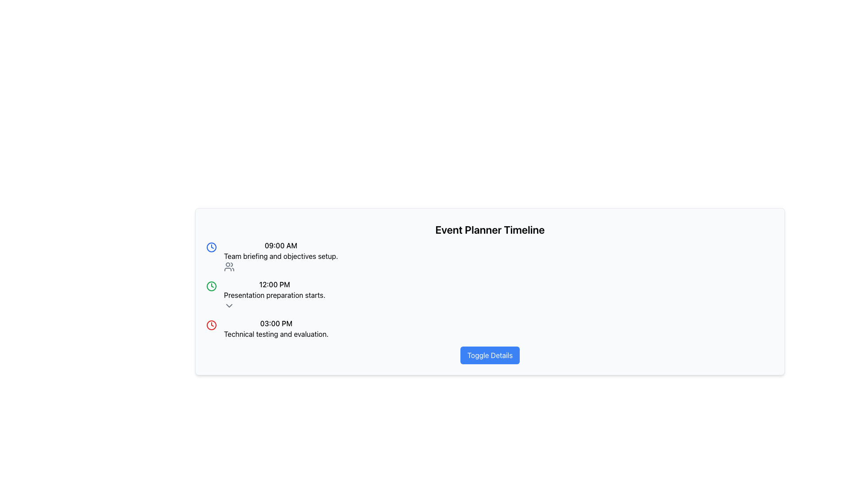 This screenshot has height=478, width=850. Describe the element at coordinates (280, 246) in the screenshot. I see `time value '09:00 AM' from the Text Label indicating the first time value in the schedule or timeline structure` at that location.